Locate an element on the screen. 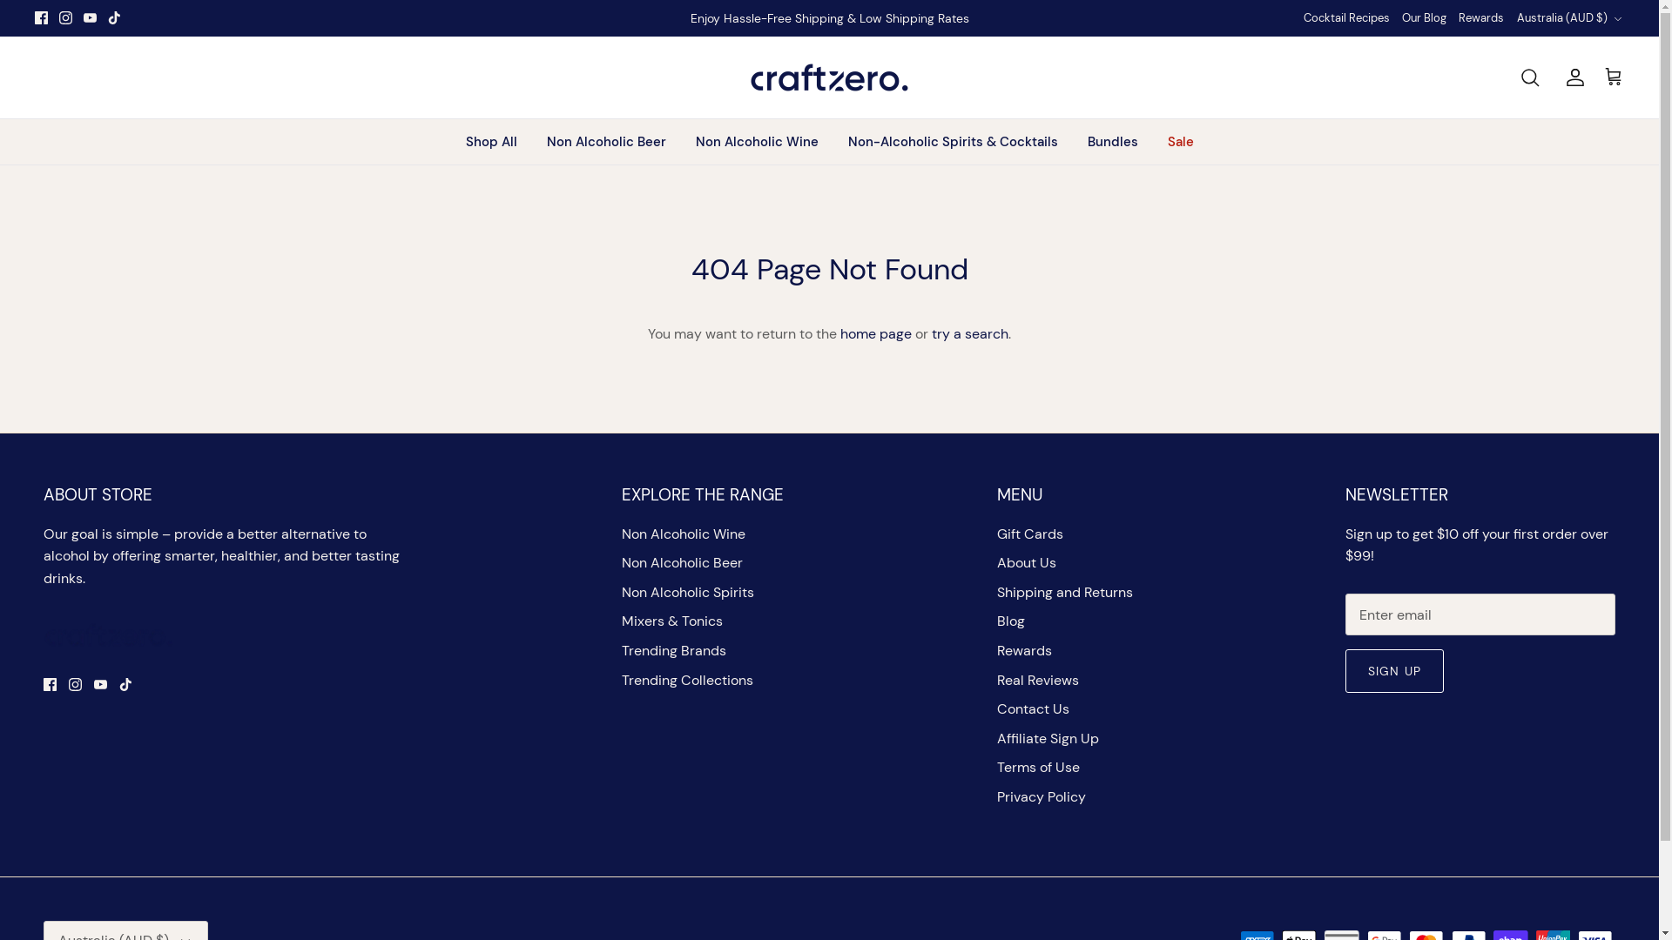  'Non Alcoholic Spirits' is located at coordinates (687, 591).